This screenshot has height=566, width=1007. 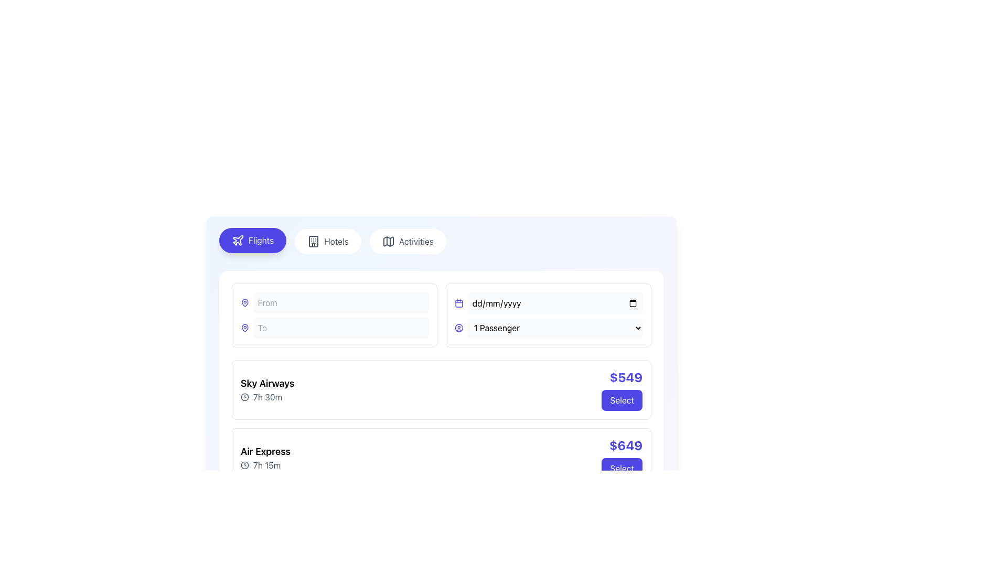 I want to click on the clock icon located next to the text '7h 30m' in the flight details section, so click(x=244, y=397).